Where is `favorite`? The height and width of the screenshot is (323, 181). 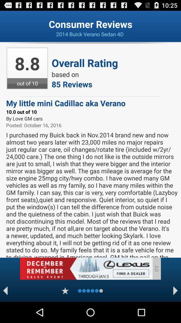
favorite is located at coordinates (65, 290).